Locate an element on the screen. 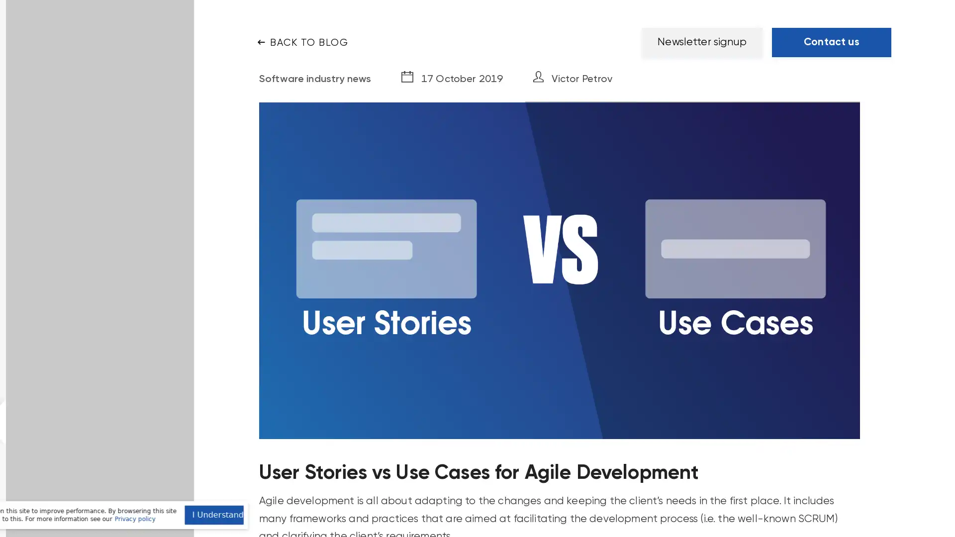  Newsletter signup is located at coordinates (701, 41).